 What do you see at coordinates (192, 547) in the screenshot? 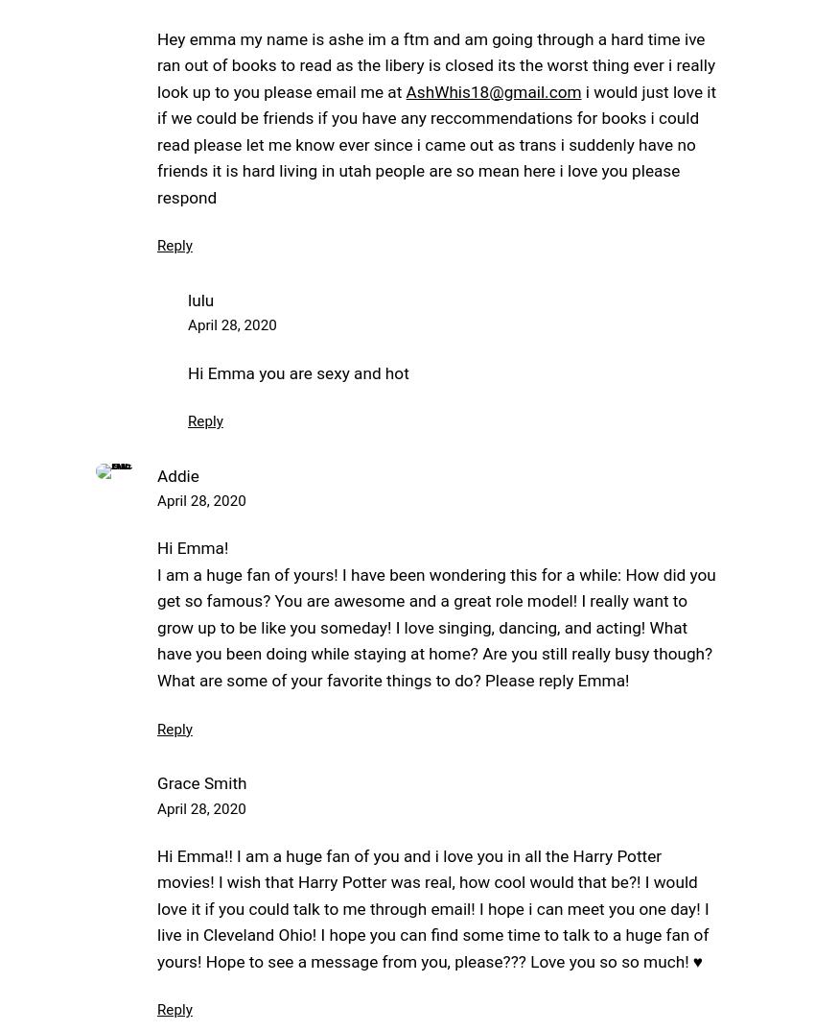
I see `'Hi Emma!'` at bounding box center [192, 547].